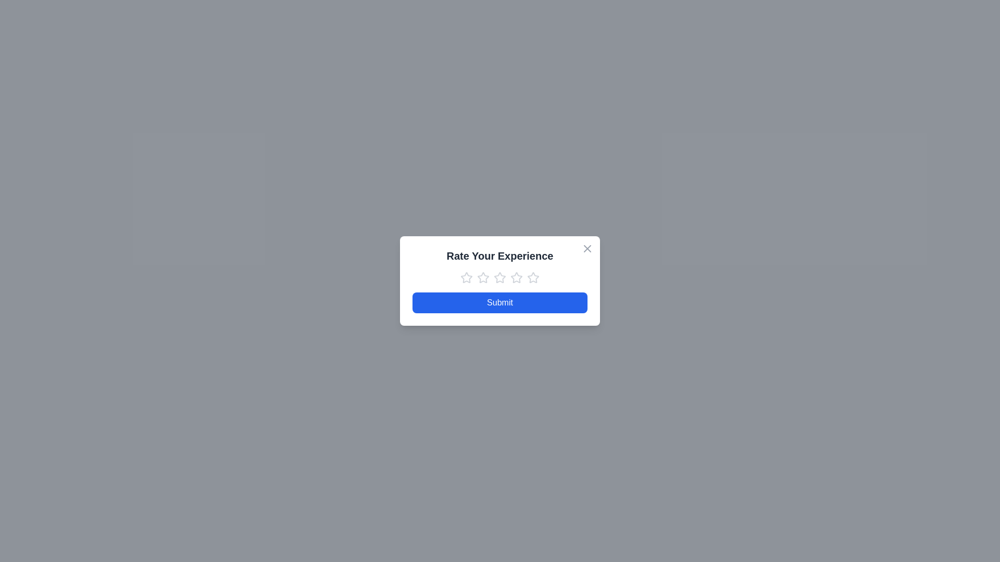 Image resolution: width=1000 pixels, height=562 pixels. Describe the element at coordinates (482, 277) in the screenshot. I see `the star corresponding to 2 to rate the experience` at that location.